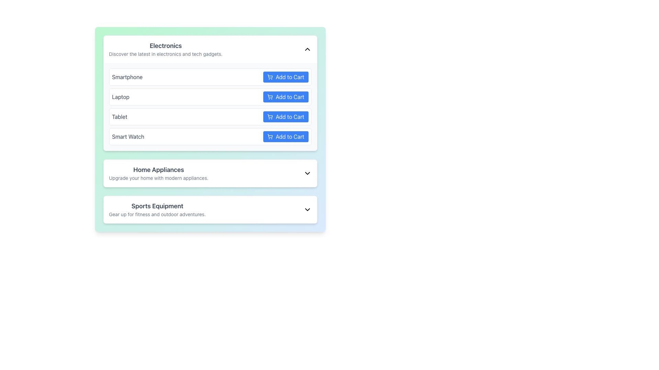 The width and height of the screenshot is (659, 370). Describe the element at coordinates (210, 93) in the screenshot. I see `the 'Electronics' section which features a description and four entries with 'Add to Cart' buttons` at that location.